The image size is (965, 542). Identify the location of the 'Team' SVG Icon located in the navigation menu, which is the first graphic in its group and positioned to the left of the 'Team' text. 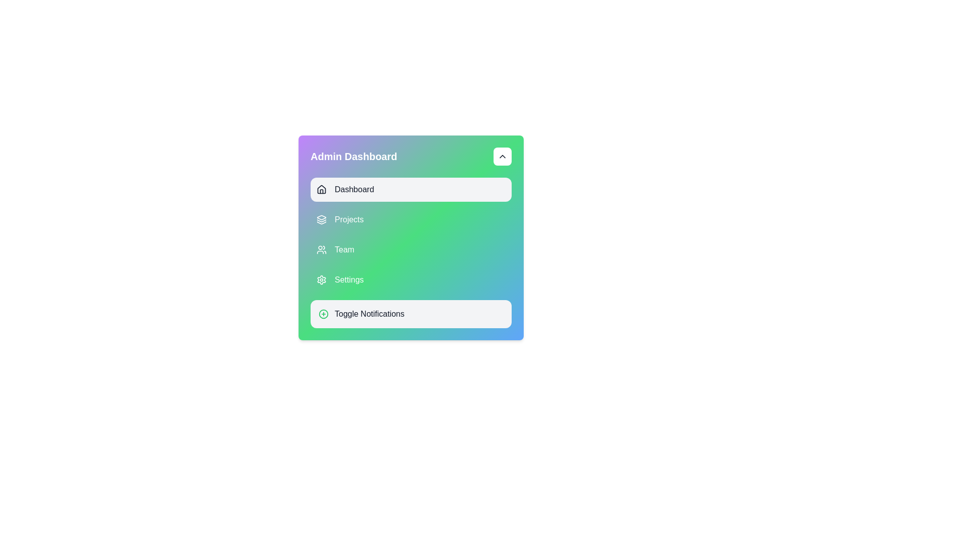
(321, 249).